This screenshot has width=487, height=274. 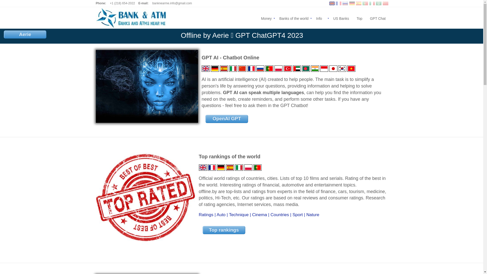 I want to click on 'Nature', so click(x=312, y=215).